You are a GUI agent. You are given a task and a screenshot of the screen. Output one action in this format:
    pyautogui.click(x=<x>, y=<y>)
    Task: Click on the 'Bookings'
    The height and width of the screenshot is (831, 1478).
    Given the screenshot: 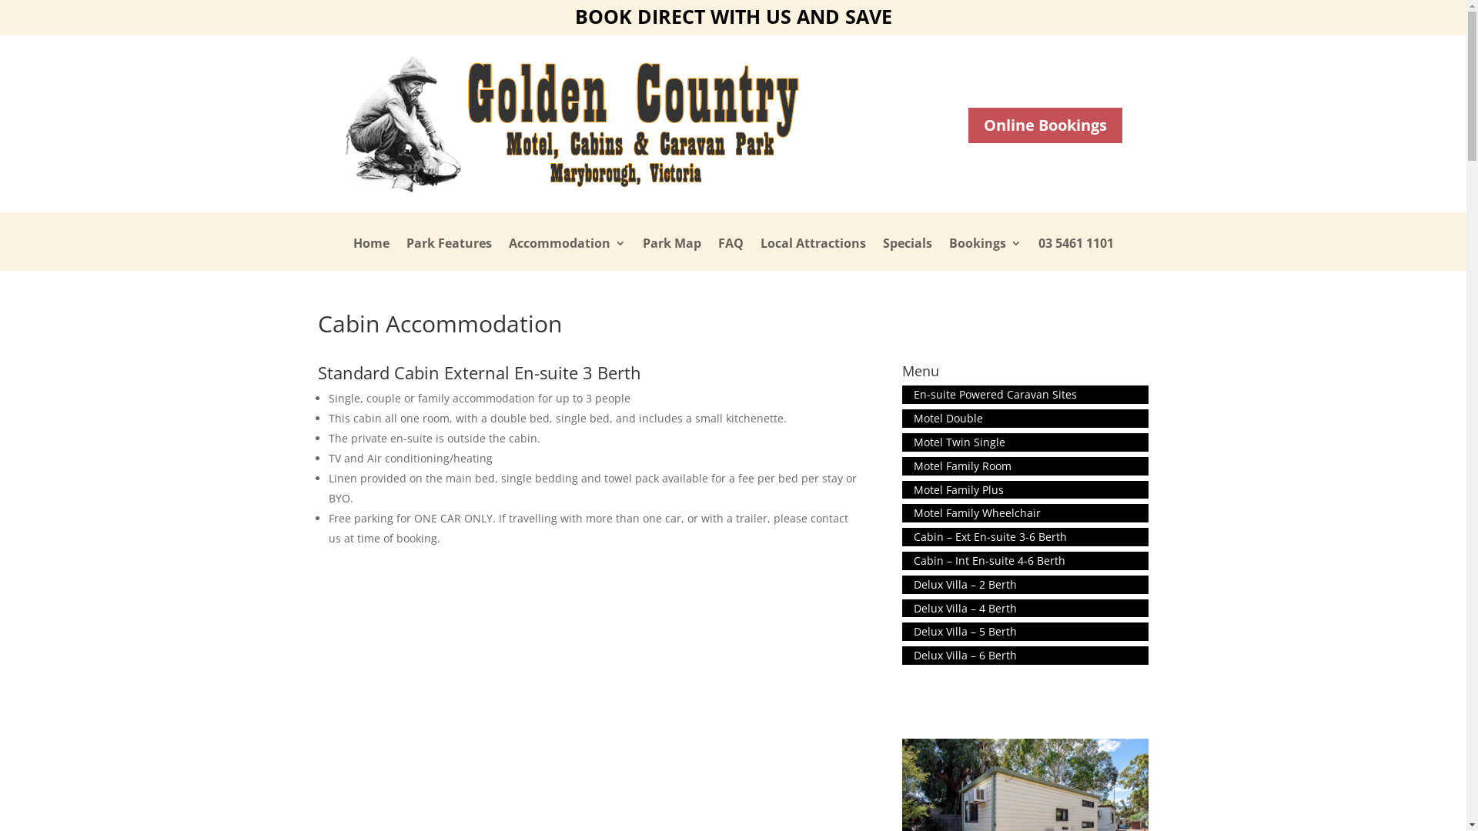 What is the action you would take?
    pyautogui.click(x=983, y=253)
    